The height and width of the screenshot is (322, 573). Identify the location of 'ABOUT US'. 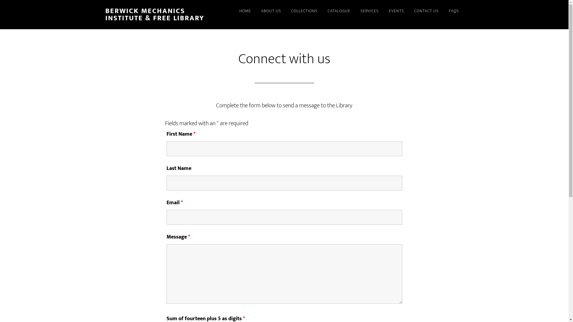
(271, 11).